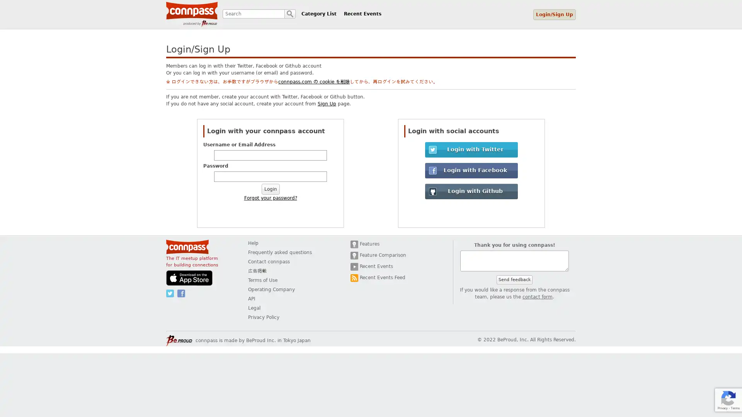  What do you see at coordinates (289, 14) in the screenshot?
I see `Search` at bounding box center [289, 14].